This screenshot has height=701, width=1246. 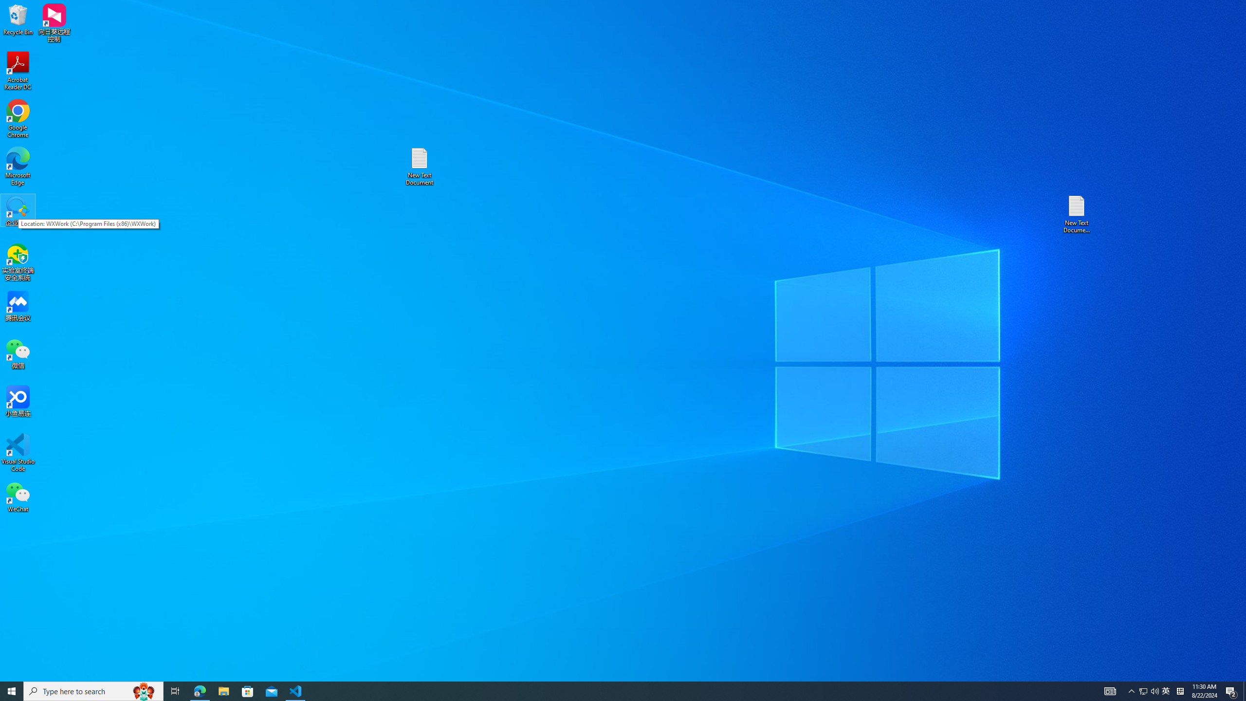 What do you see at coordinates (1077, 213) in the screenshot?
I see `'New Text Document (2)'` at bounding box center [1077, 213].